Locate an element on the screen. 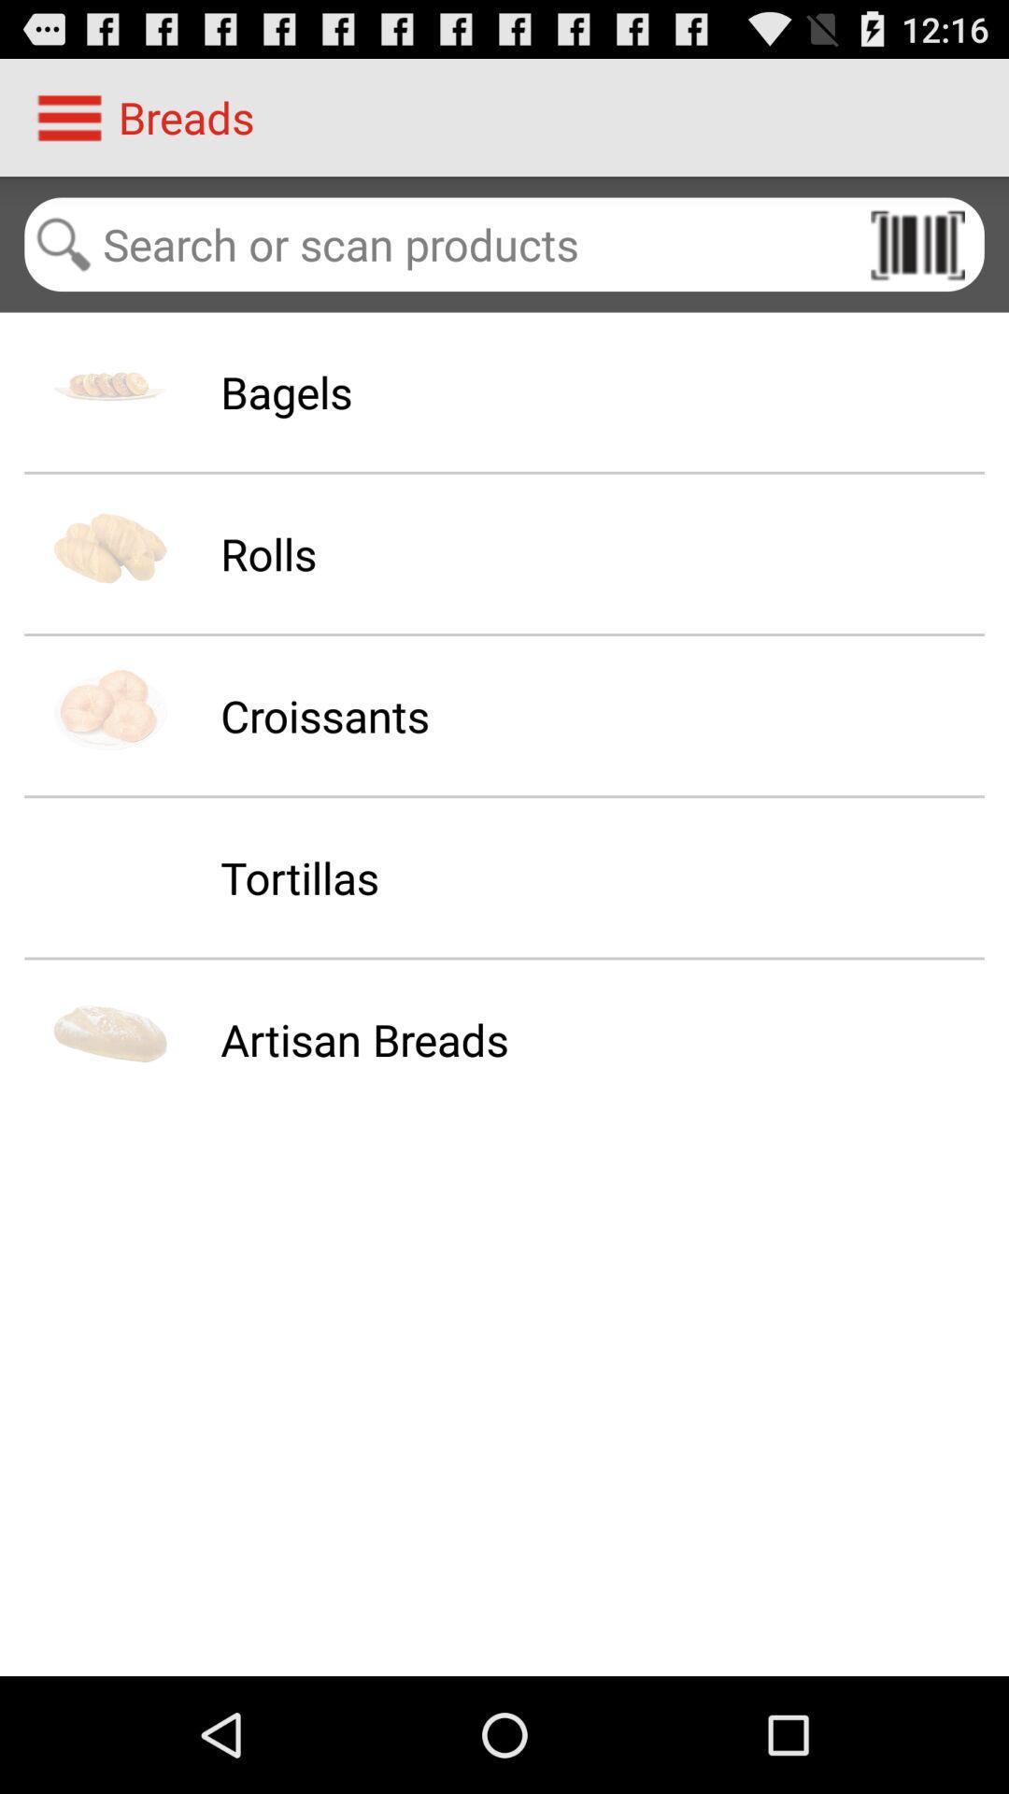  icon above the croissants is located at coordinates (268, 552).